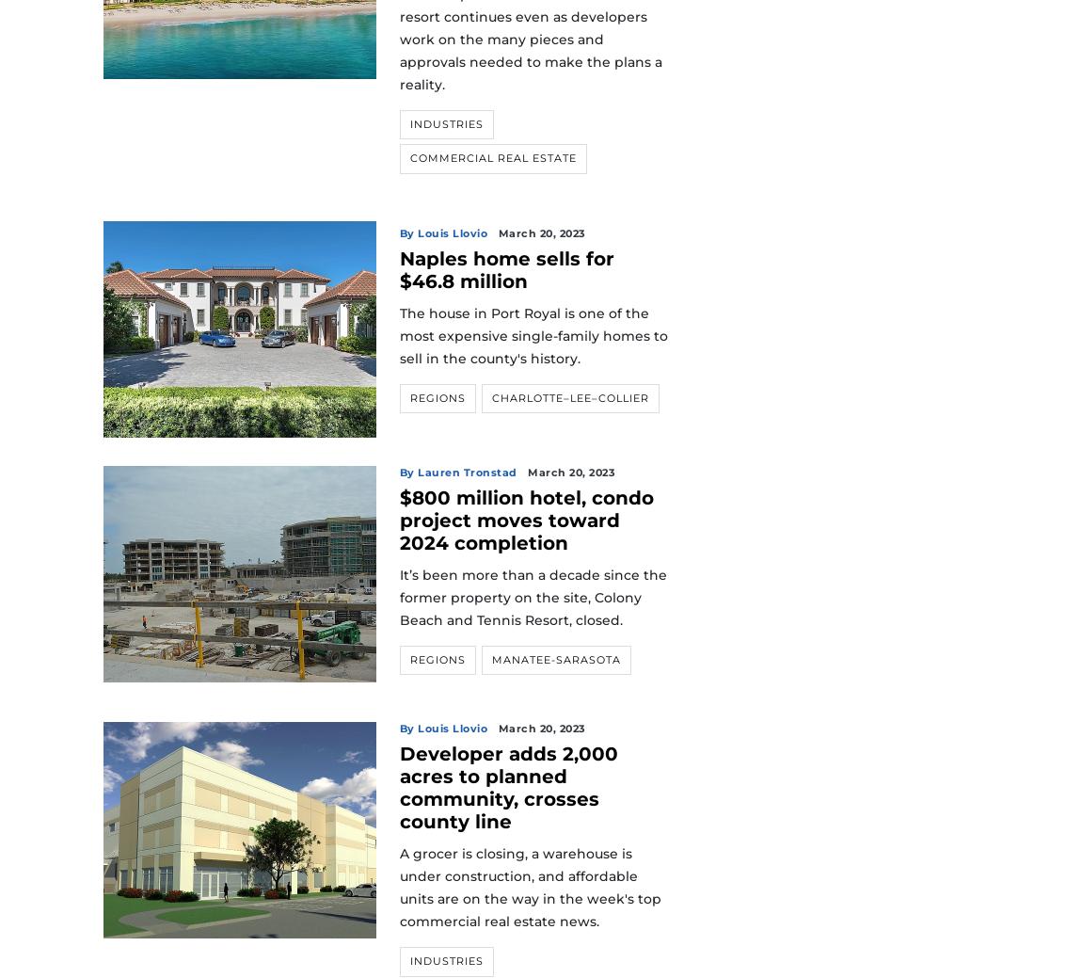  I want to click on 'It’s been more than a decade since the former property on the site, Colony Beach and Tennis Resort, closed.', so click(533, 596).